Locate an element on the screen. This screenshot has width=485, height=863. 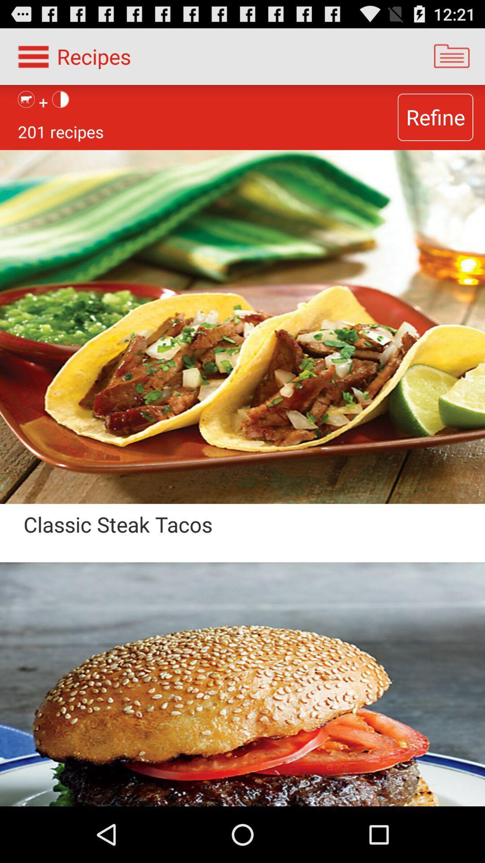
the refine button is located at coordinates (435, 116).